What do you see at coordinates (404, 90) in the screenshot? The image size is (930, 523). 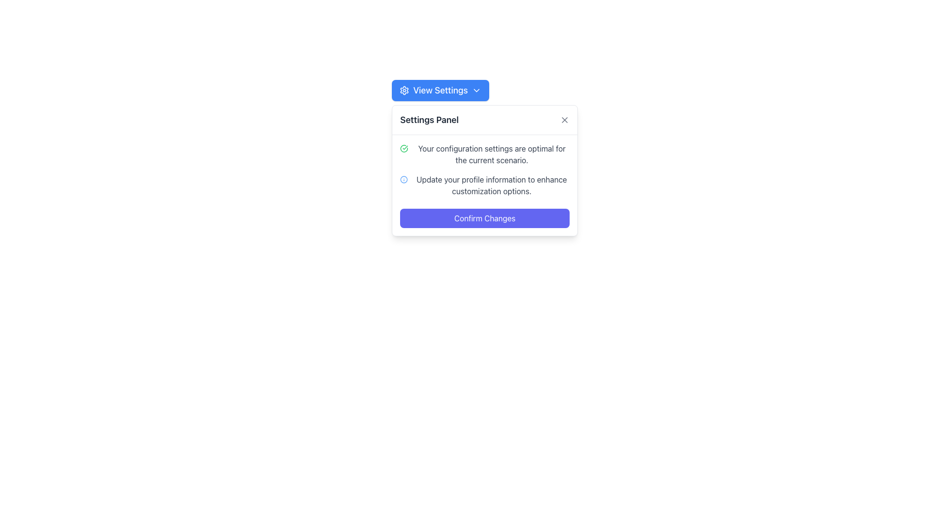 I see `the settings icon located on the left end of the 'View Settings' button` at bounding box center [404, 90].